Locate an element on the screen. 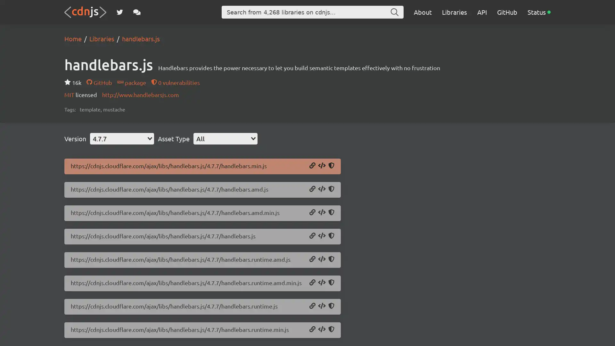 The image size is (615, 346). Copy URL is located at coordinates (312, 213).